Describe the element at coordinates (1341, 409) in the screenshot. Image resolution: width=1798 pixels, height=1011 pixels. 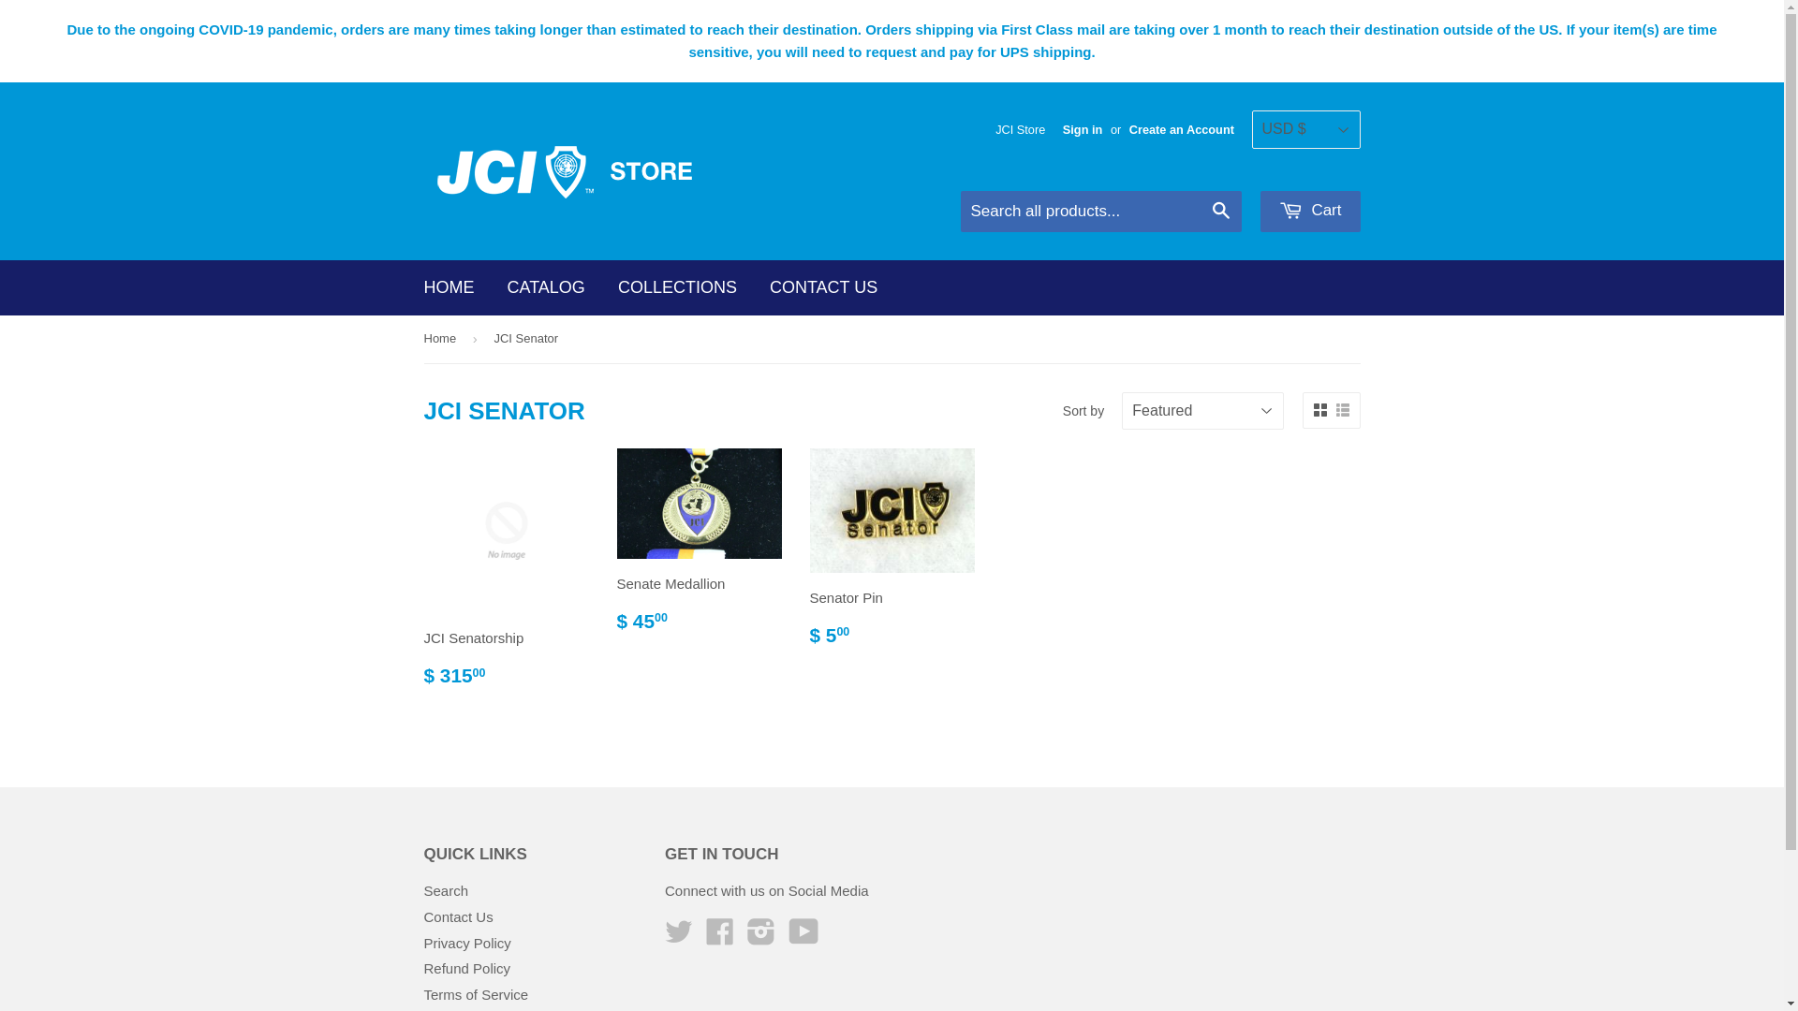
I see `'List view'` at that location.